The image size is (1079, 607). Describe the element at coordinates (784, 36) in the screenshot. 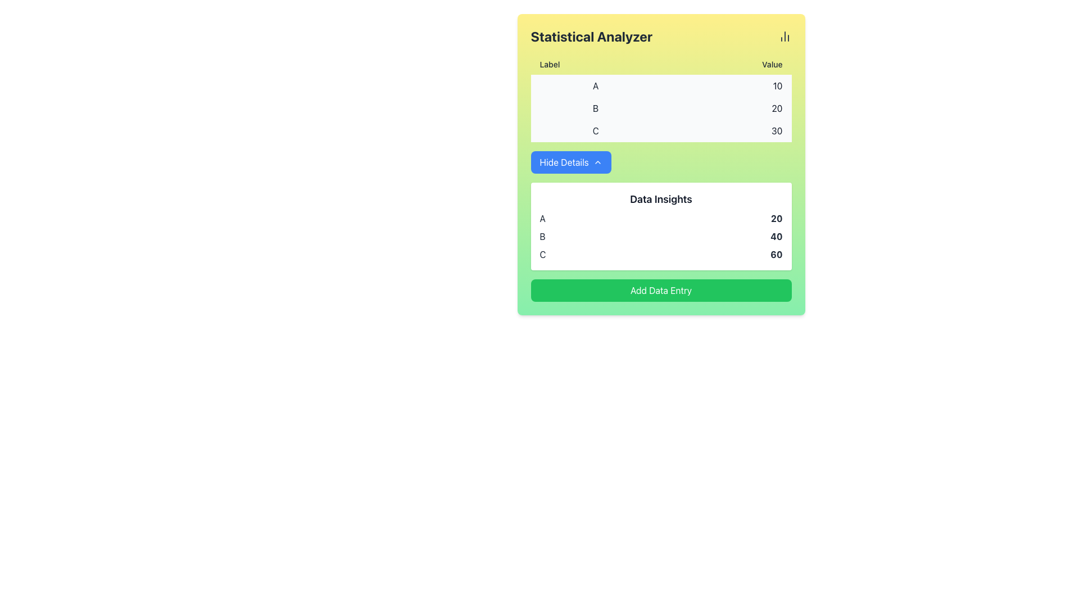

I see `the small gray chart icon located in the top-right corner of the 'Statistical Analyzer' section` at that location.